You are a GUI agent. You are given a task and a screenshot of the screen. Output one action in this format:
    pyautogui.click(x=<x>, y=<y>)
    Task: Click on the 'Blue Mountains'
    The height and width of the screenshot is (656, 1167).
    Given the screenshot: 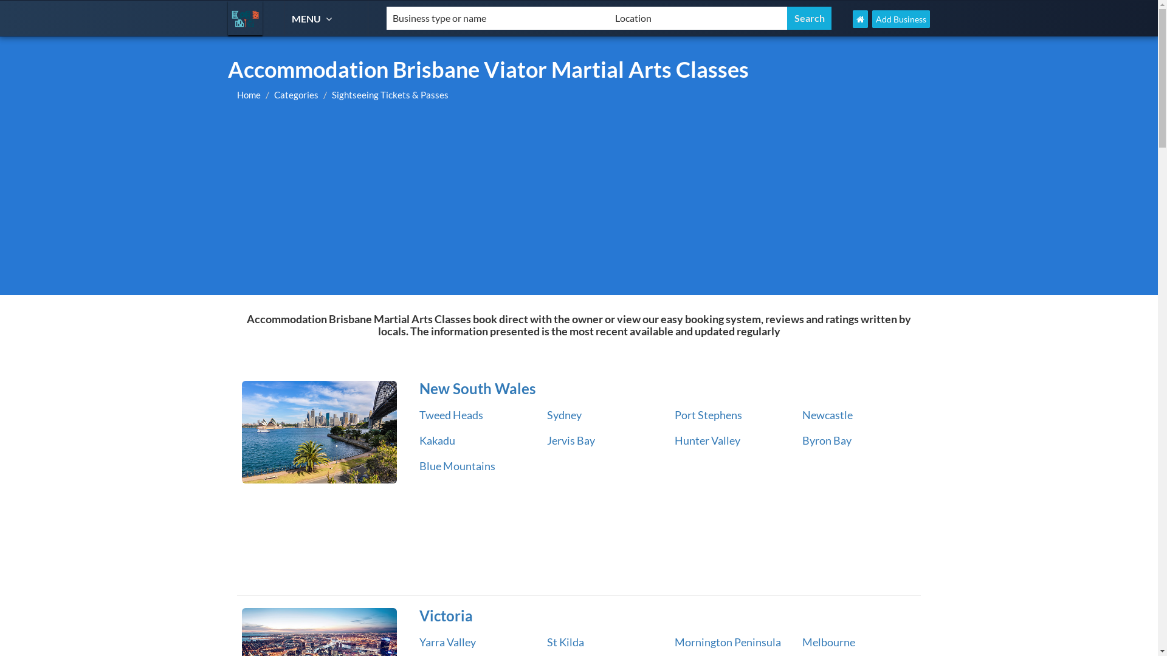 What is the action you would take?
    pyautogui.click(x=456, y=465)
    